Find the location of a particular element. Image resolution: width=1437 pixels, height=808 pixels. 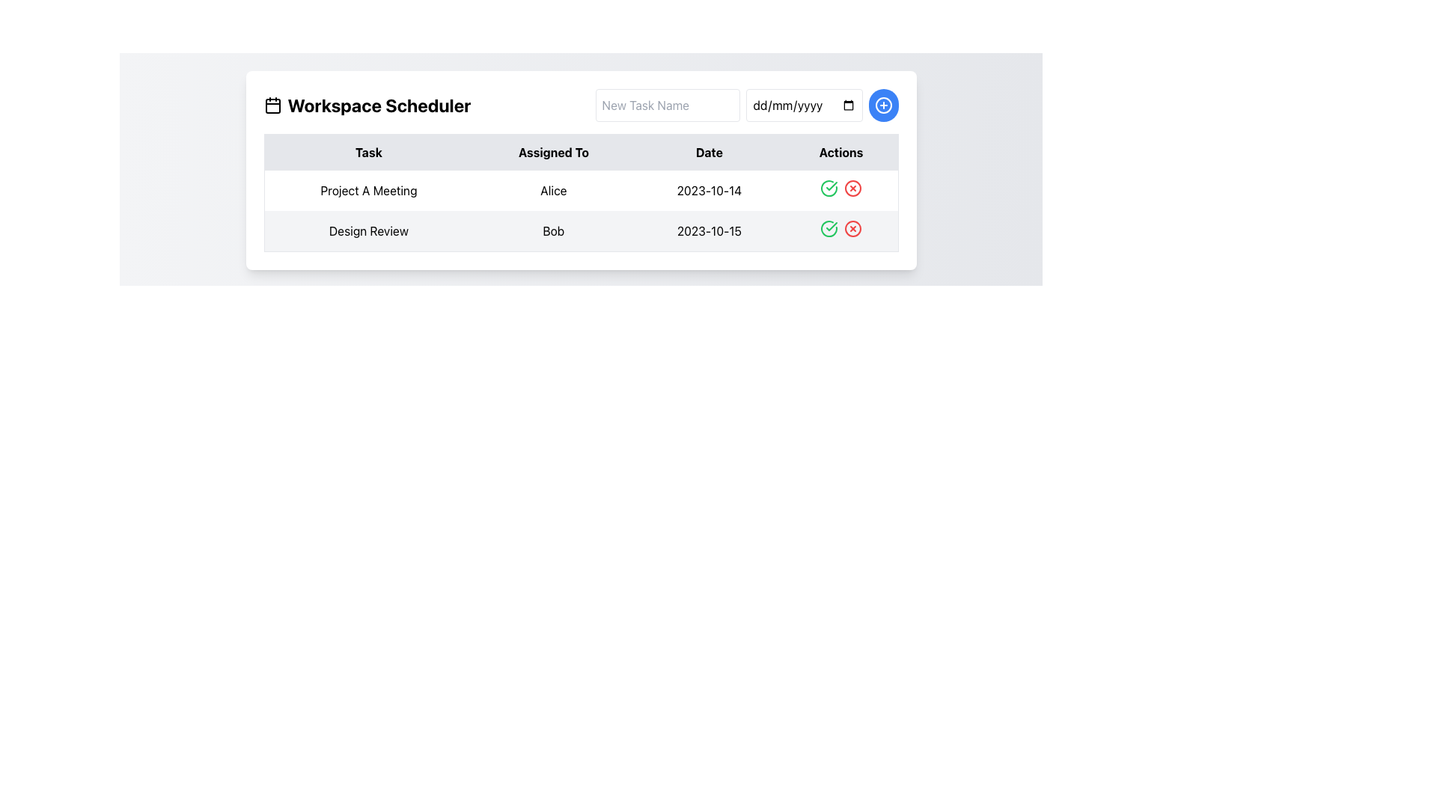

the green circular icon with a checkmark inside, located in the 'Actions' column of the second row of the table, to approve the task is located at coordinates (829, 228).